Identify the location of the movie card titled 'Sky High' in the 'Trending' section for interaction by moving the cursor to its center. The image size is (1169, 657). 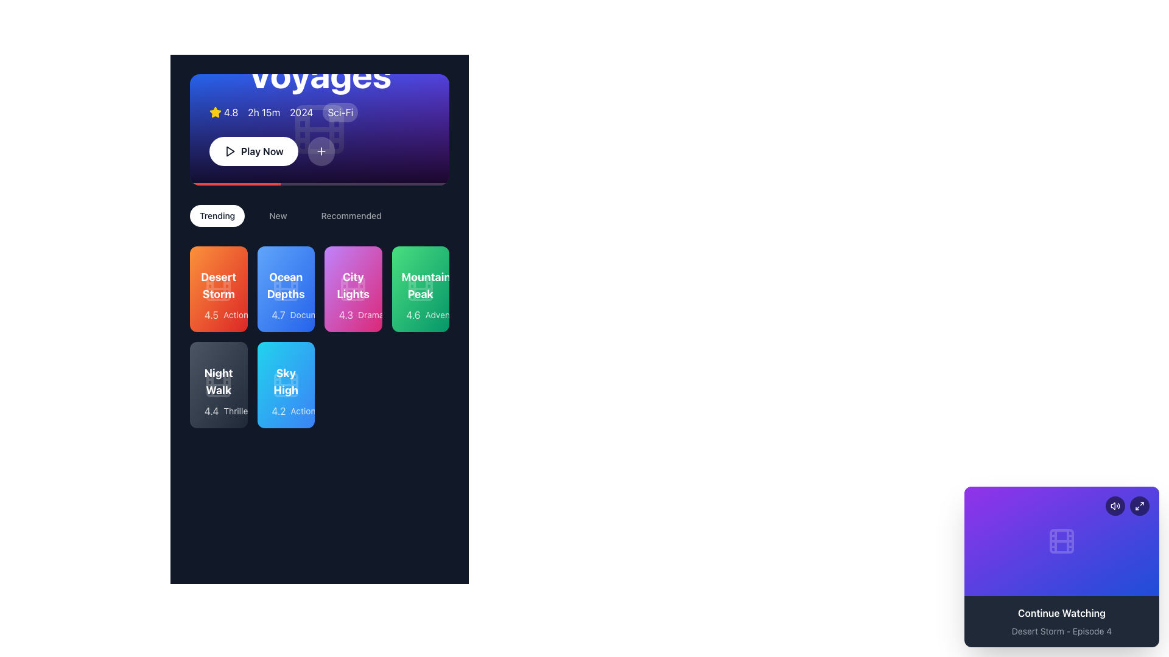
(285, 392).